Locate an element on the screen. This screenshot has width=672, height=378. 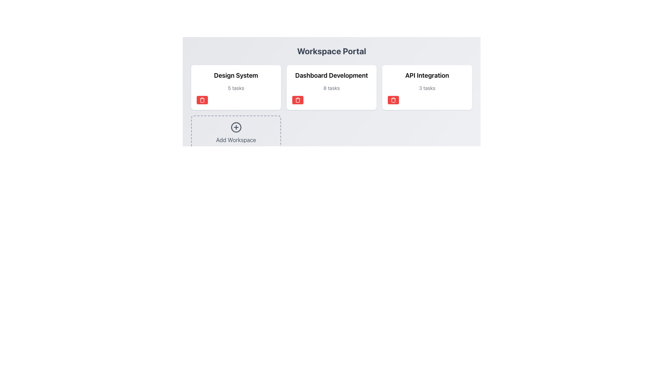
the 'Add Workspace' button, which is a rectangular area with dashed borders and rounded corners, featuring a circular plus icon and centered gray text, located in the lower portion of the grid layout is located at coordinates (236, 133).